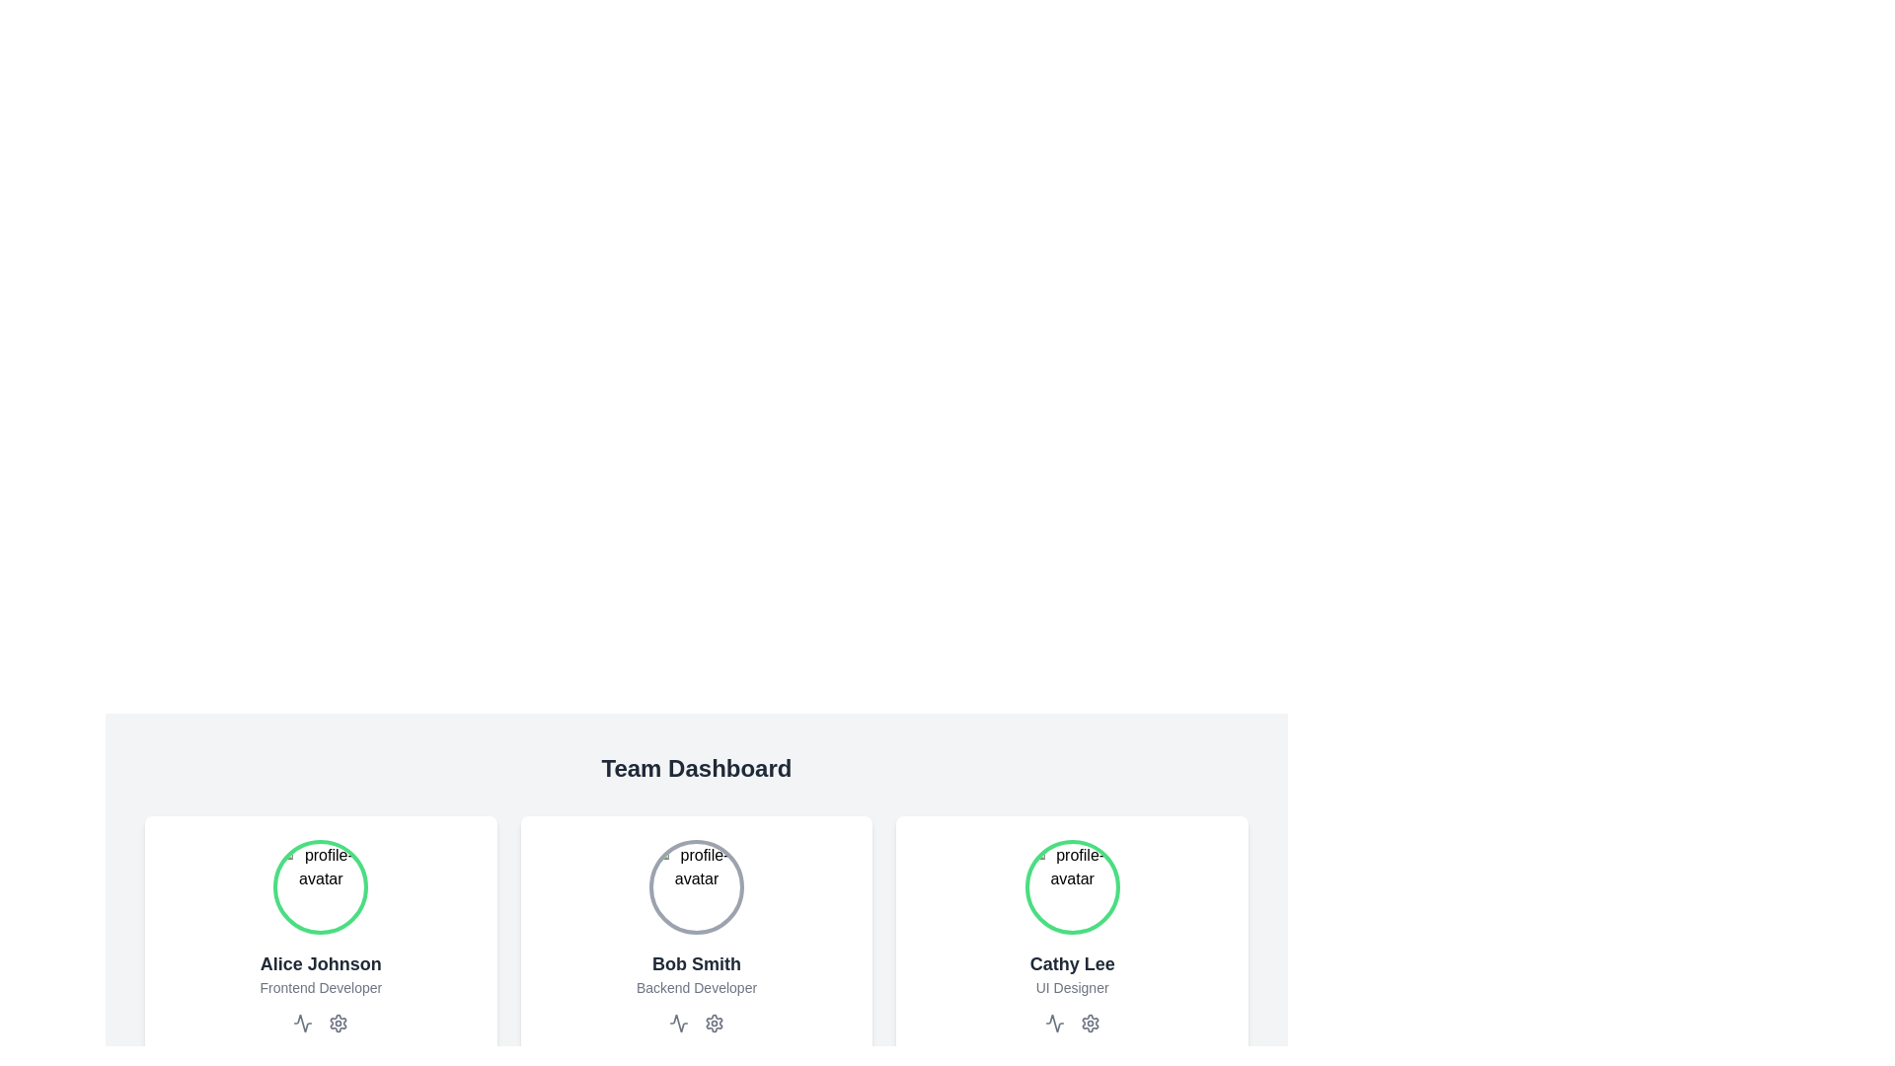  I want to click on the displayed profile on the team member's profile card located in the Team Dashboard interface, which shows their name, role, and avatar, so click(696, 935).